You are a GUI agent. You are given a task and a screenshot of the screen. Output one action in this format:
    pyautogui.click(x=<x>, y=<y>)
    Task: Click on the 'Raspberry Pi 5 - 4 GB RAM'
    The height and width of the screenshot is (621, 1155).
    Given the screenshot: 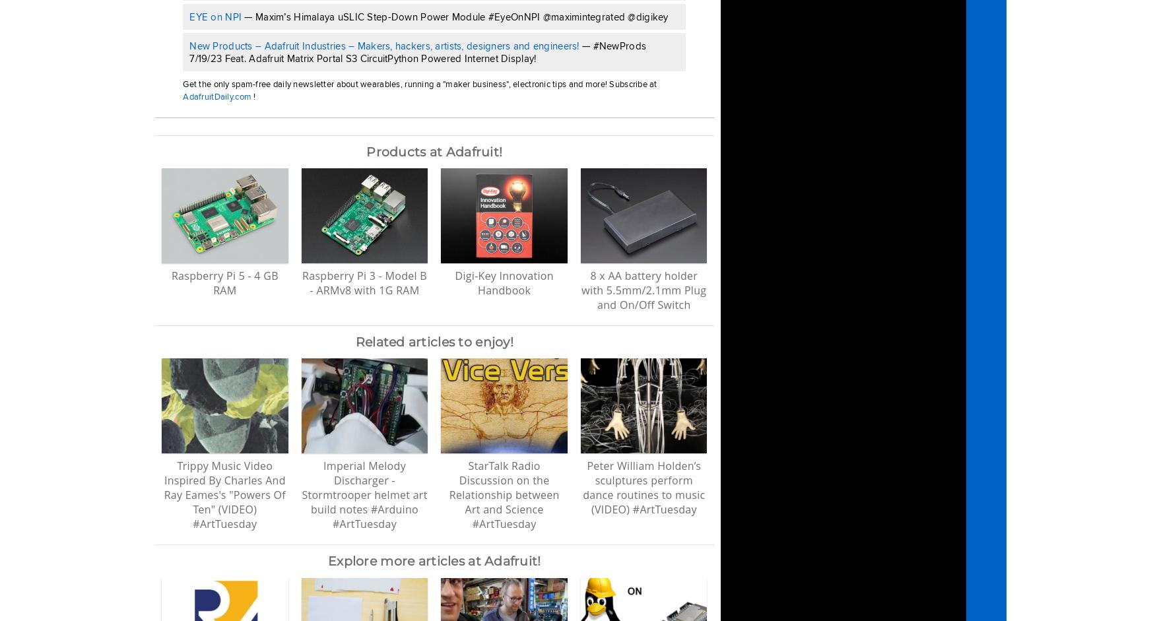 What is the action you would take?
    pyautogui.click(x=224, y=281)
    